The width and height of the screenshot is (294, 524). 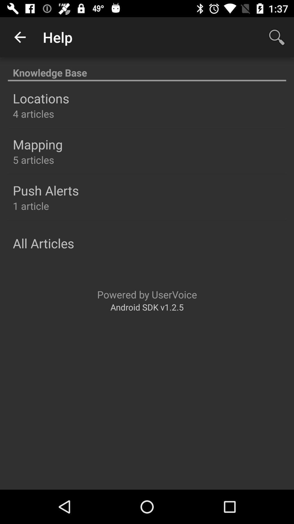 What do you see at coordinates (33, 114) in the screenshot?
I see `the 4 articles` at bounding box center [33, 114].